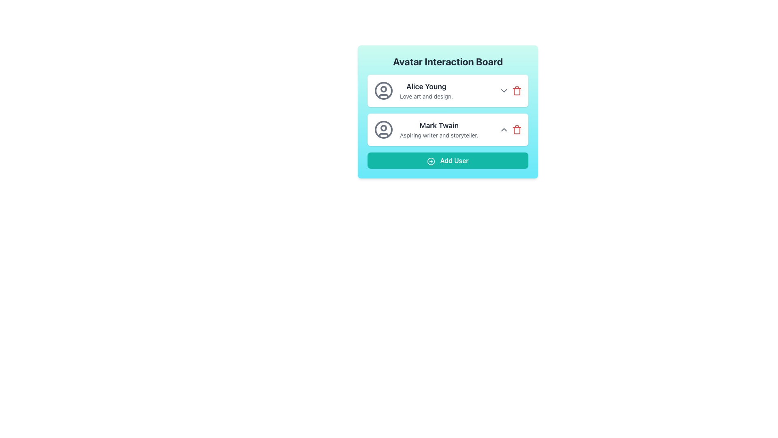 Image resolution: width=778 pixels, height=438 pixels. I want to click on the upward-pointing chevron icon button located in the top-right corner of the 'Mark Twain' user profile card, so click(503, 129).